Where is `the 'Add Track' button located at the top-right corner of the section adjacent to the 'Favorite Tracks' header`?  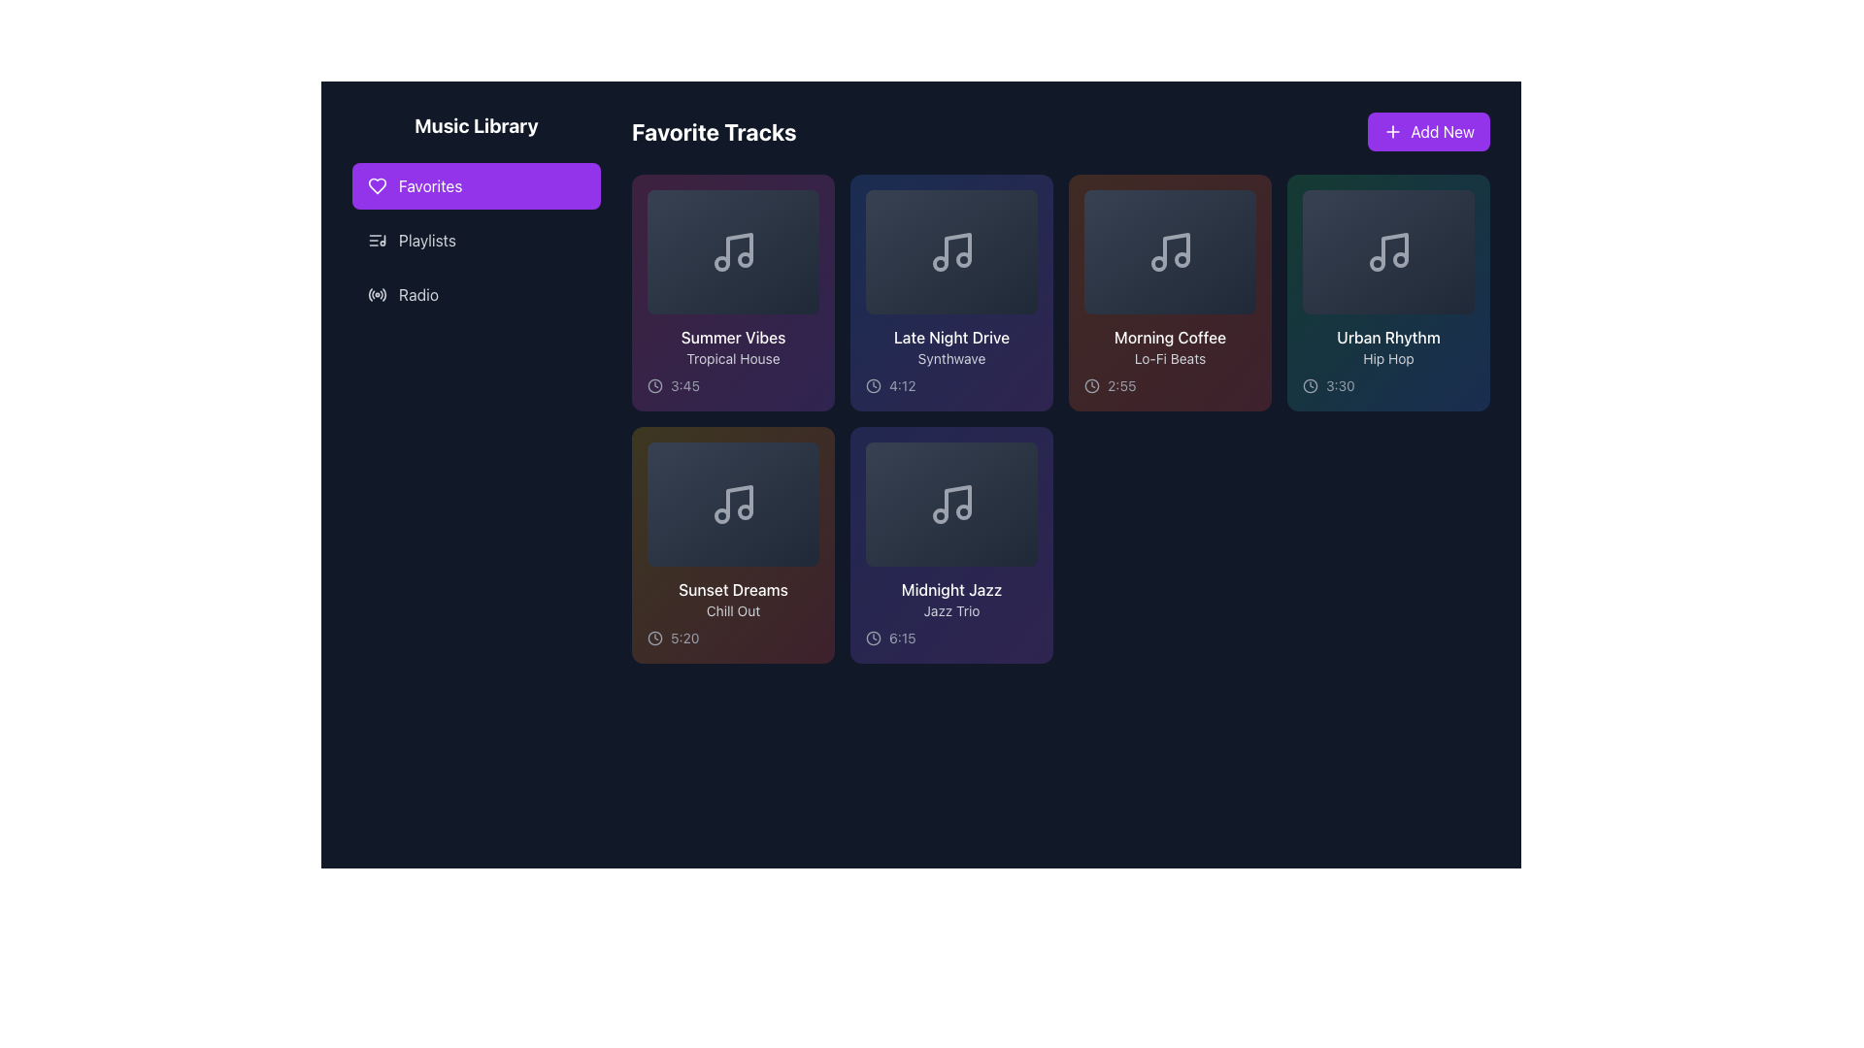 the 'Add Track' button located at the top-right corner of the section adjacent to the 'Favorite Tracks' header is located at coordinates (1429, 131).